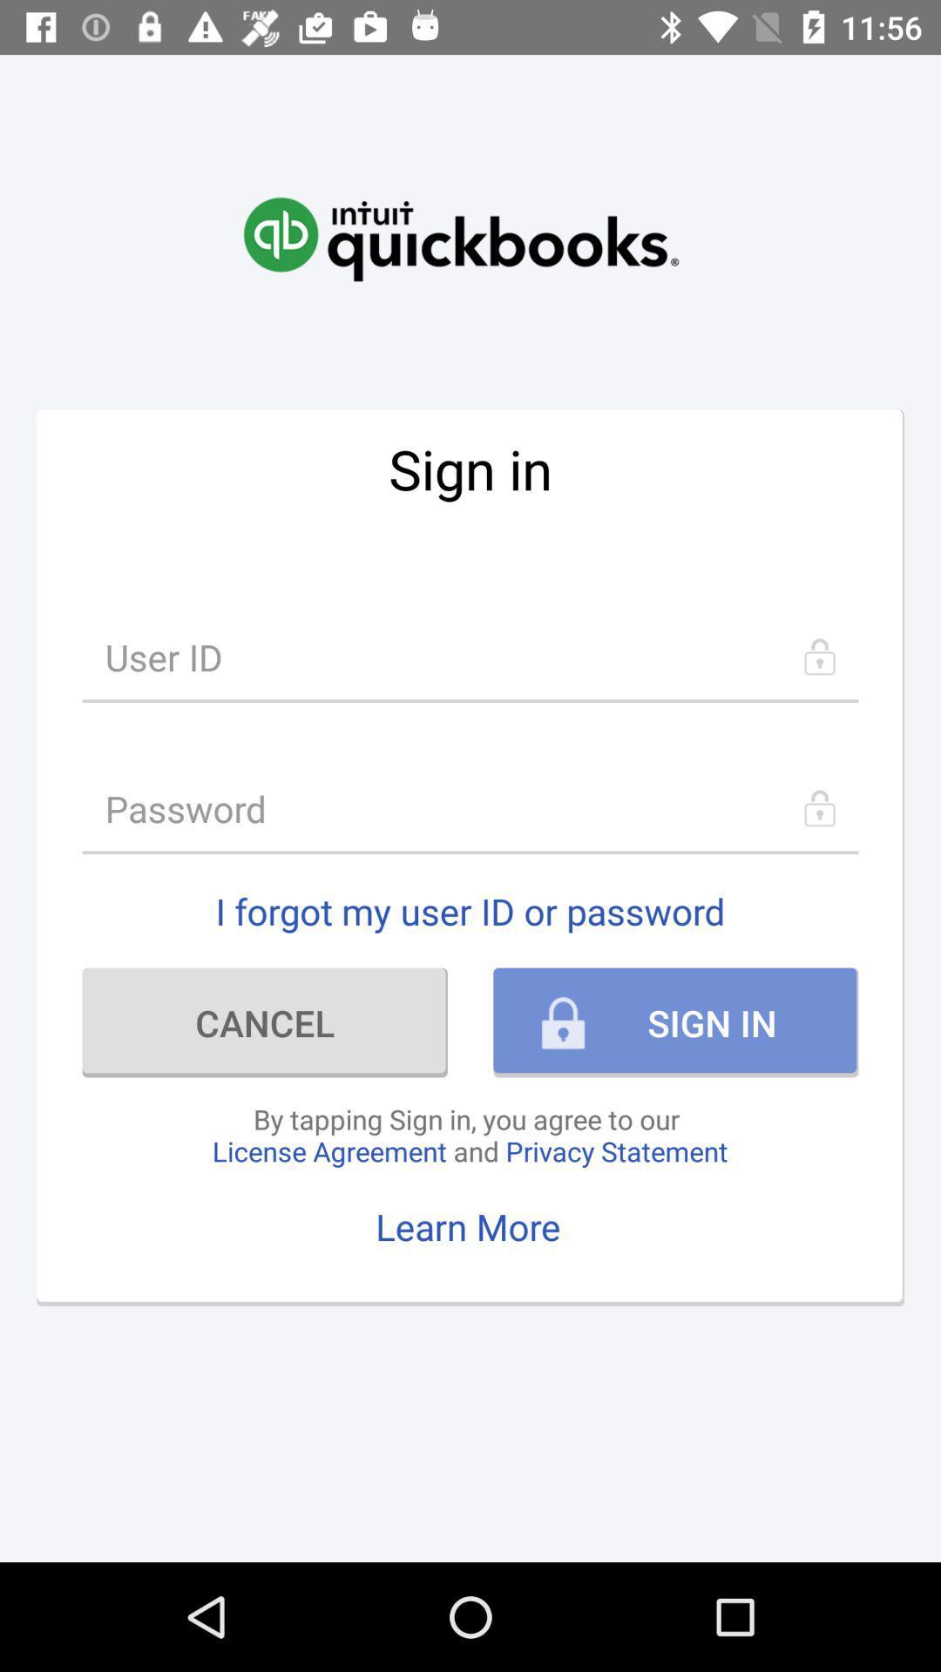  I want to click on icon above the by tapping sign, so click(265, 1022).